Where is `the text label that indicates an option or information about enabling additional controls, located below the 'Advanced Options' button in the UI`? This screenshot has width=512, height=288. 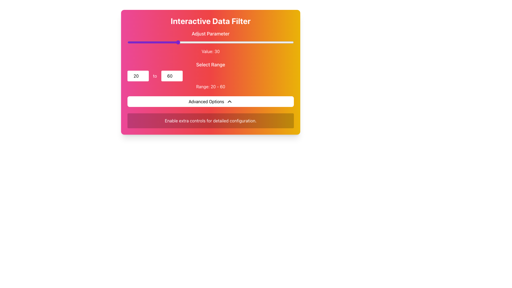 the text label that indicates an option or information about enabling additional controls, located below the 'Advanced Options' button in the UI is located at coordinates (210, 121).